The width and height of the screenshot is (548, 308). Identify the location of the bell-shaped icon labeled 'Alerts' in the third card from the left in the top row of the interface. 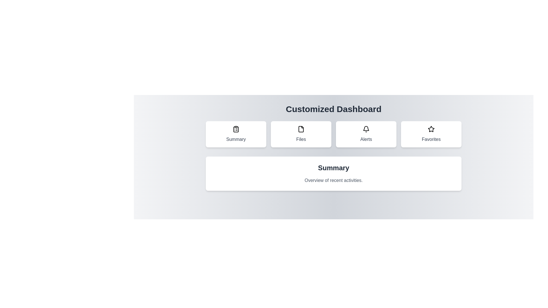
(366, 129).